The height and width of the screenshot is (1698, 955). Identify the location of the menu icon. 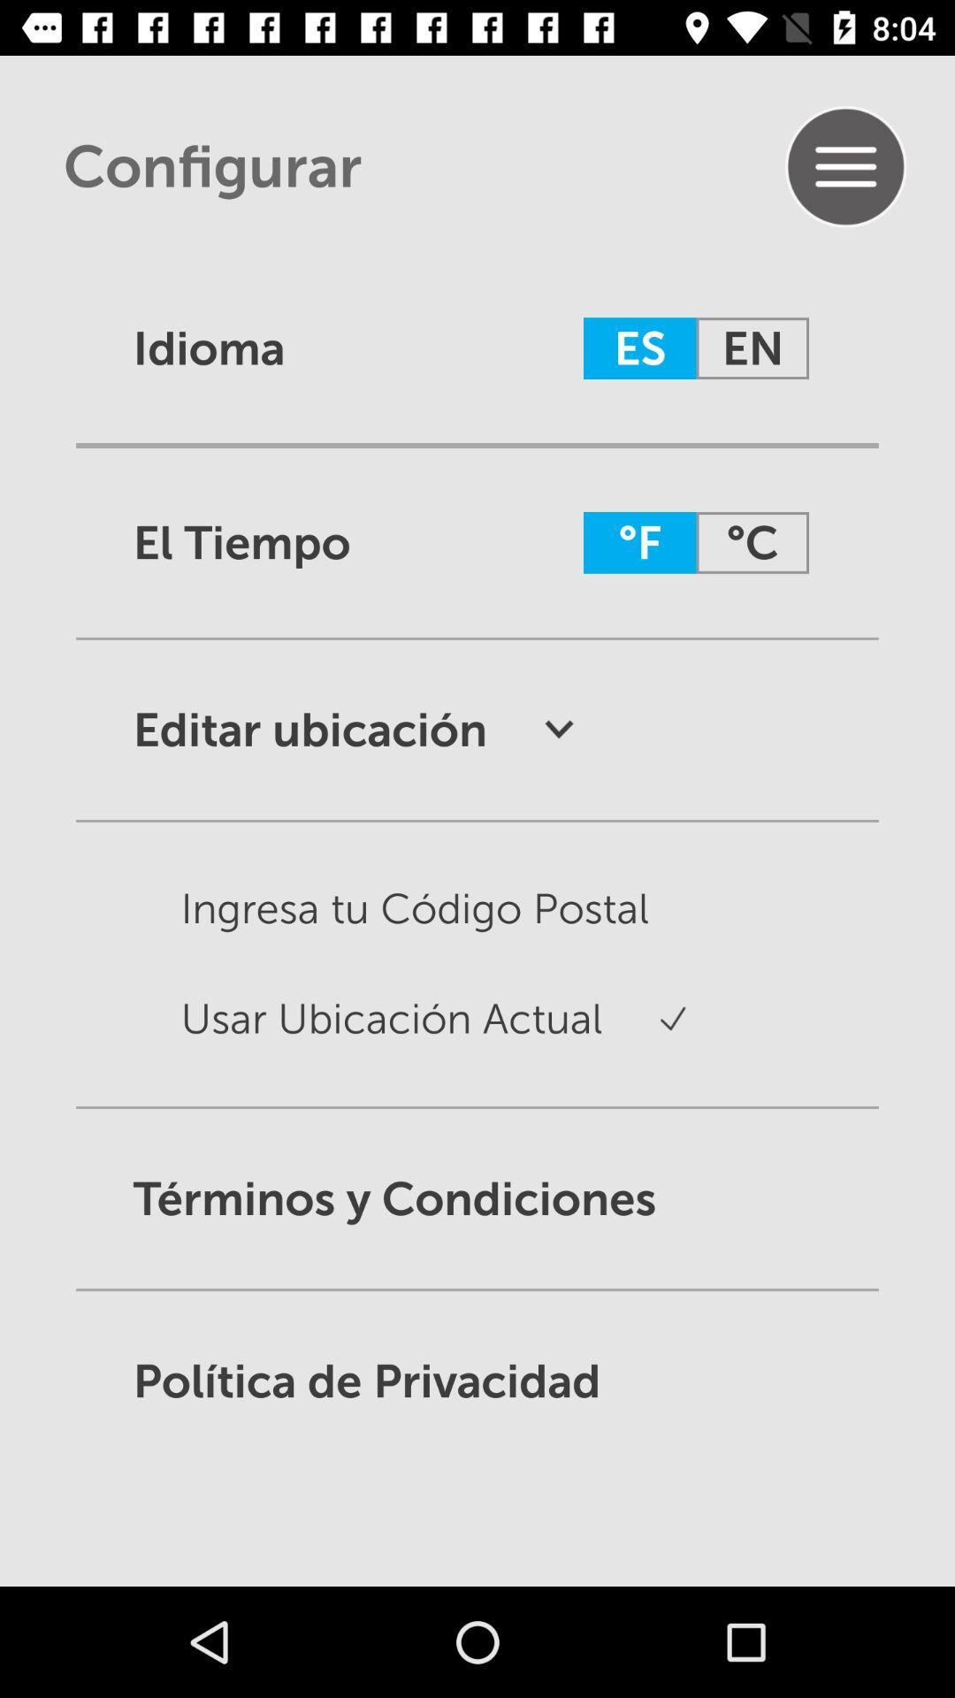
(844, 166).